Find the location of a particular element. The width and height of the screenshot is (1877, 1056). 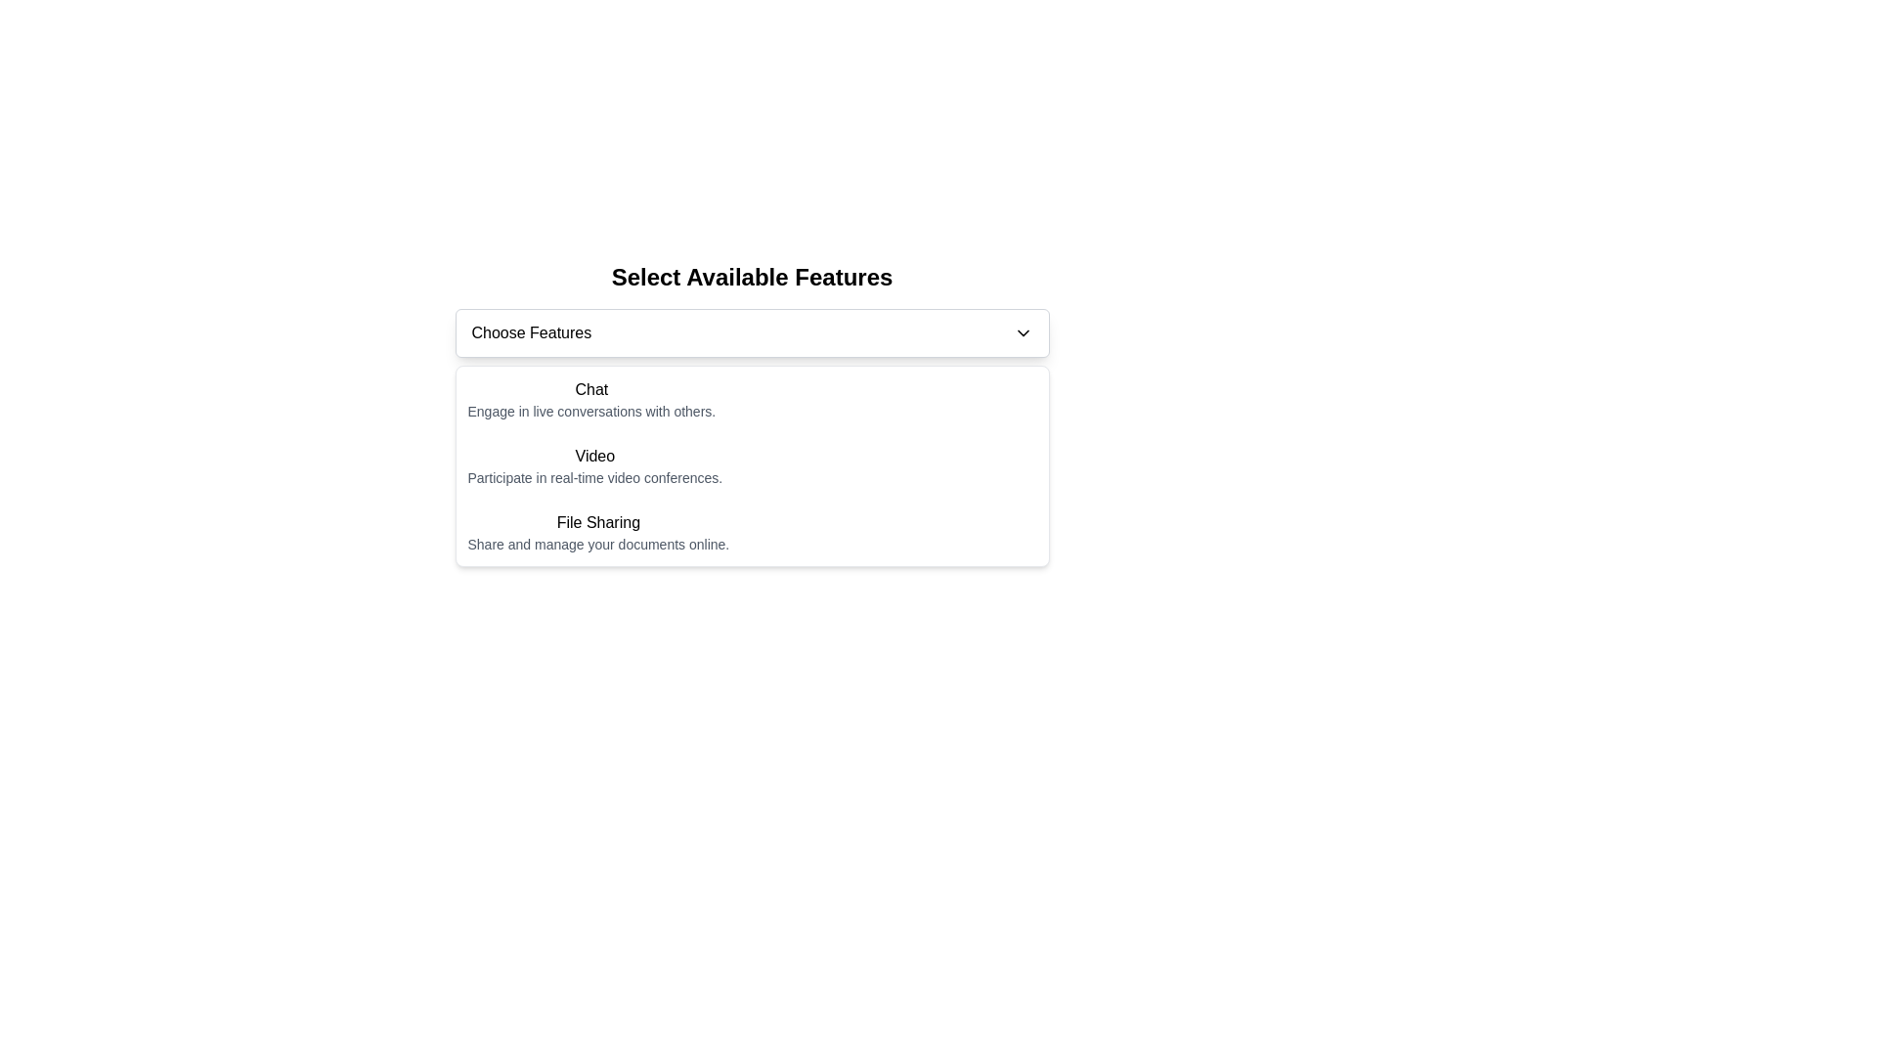

the text label that reads 'Engage in live conversations with others.', which is styled in a small gray font and positioned below the 'Chat' heading is located at coordinates (590, 410).